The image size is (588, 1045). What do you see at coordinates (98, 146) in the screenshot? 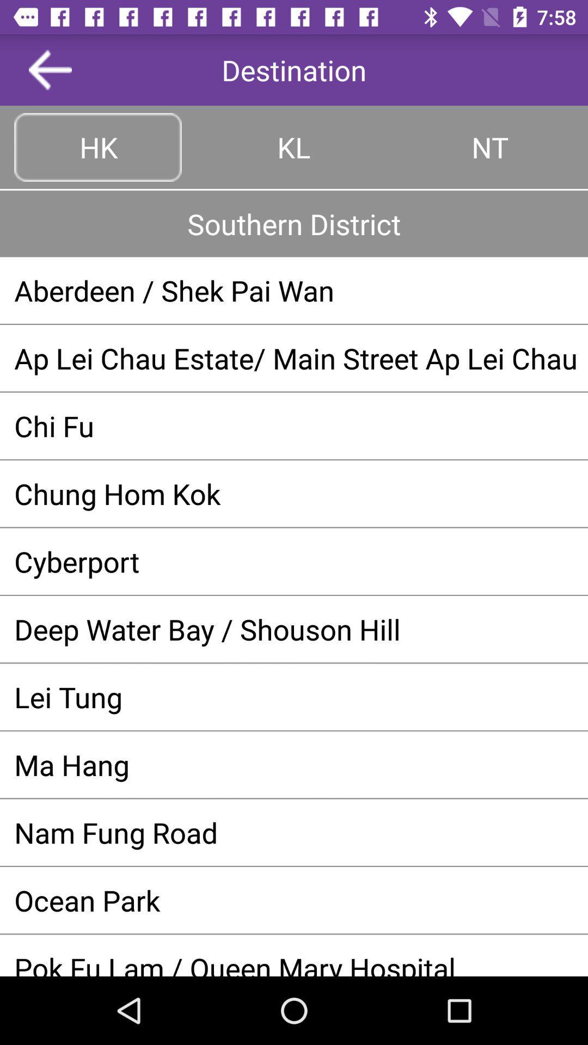
I see `the button left to kl at top` at bounding box center [98, 146].